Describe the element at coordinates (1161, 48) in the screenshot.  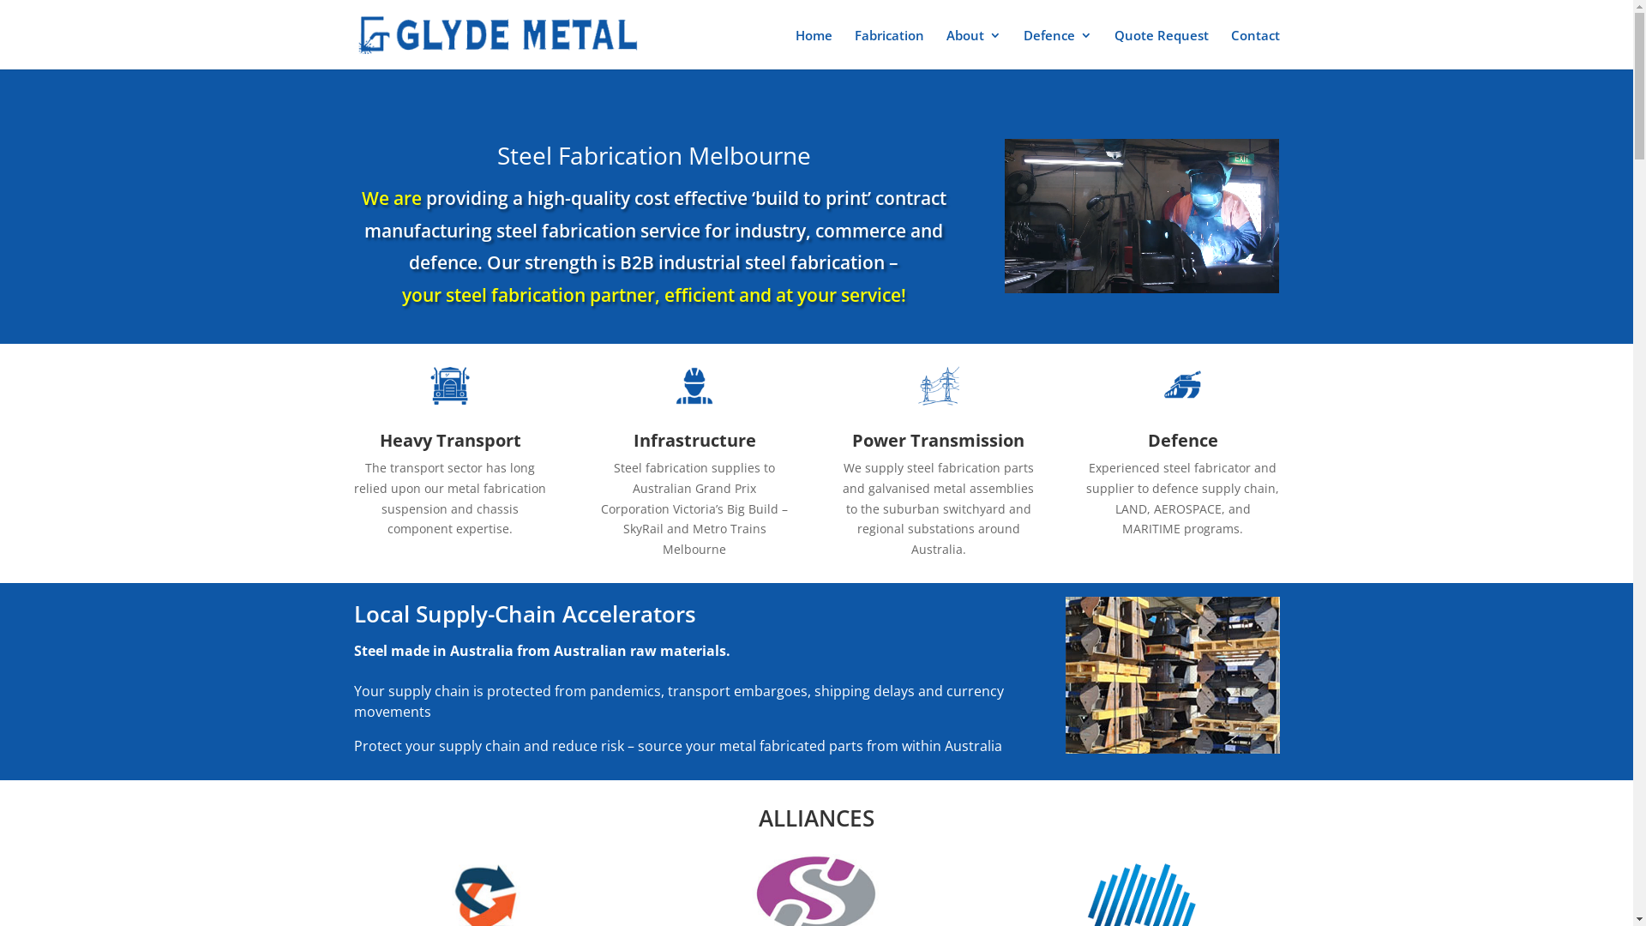
I see `'Quote Request'` at that location.